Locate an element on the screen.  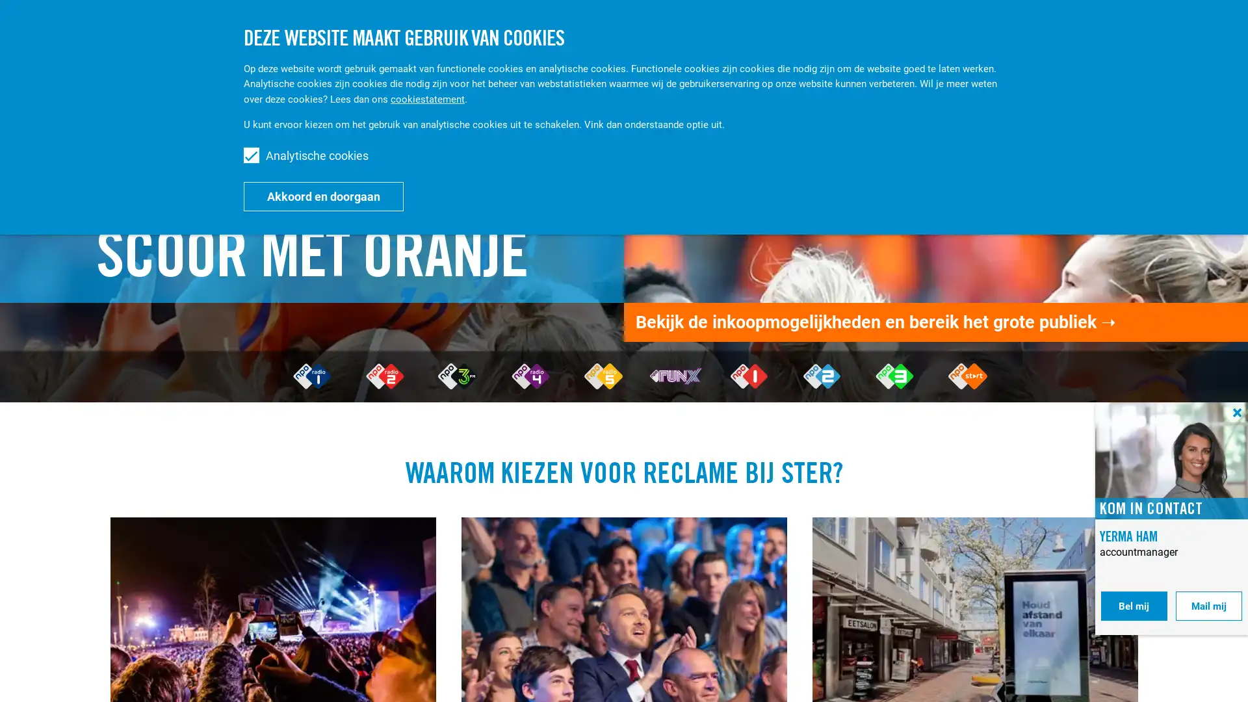
Mail mij is located at coordinates (1208, 606).